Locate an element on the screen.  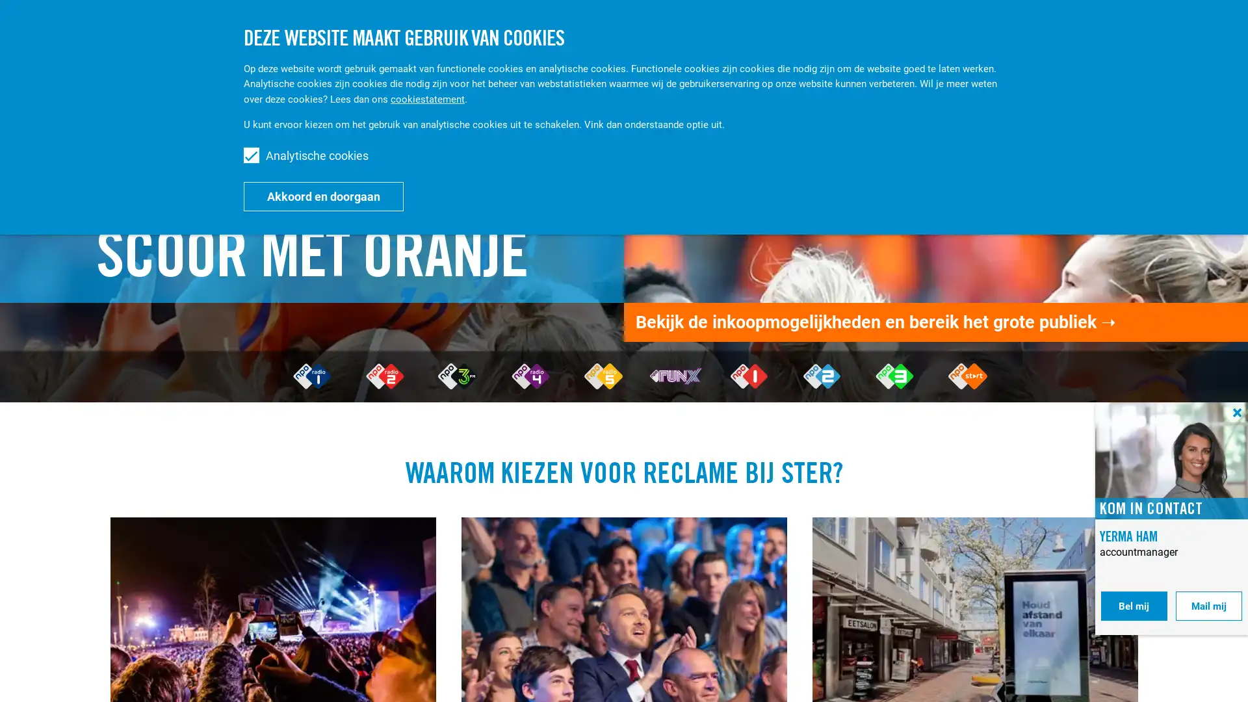
Mail mij is located at coordinates (1208, 606).